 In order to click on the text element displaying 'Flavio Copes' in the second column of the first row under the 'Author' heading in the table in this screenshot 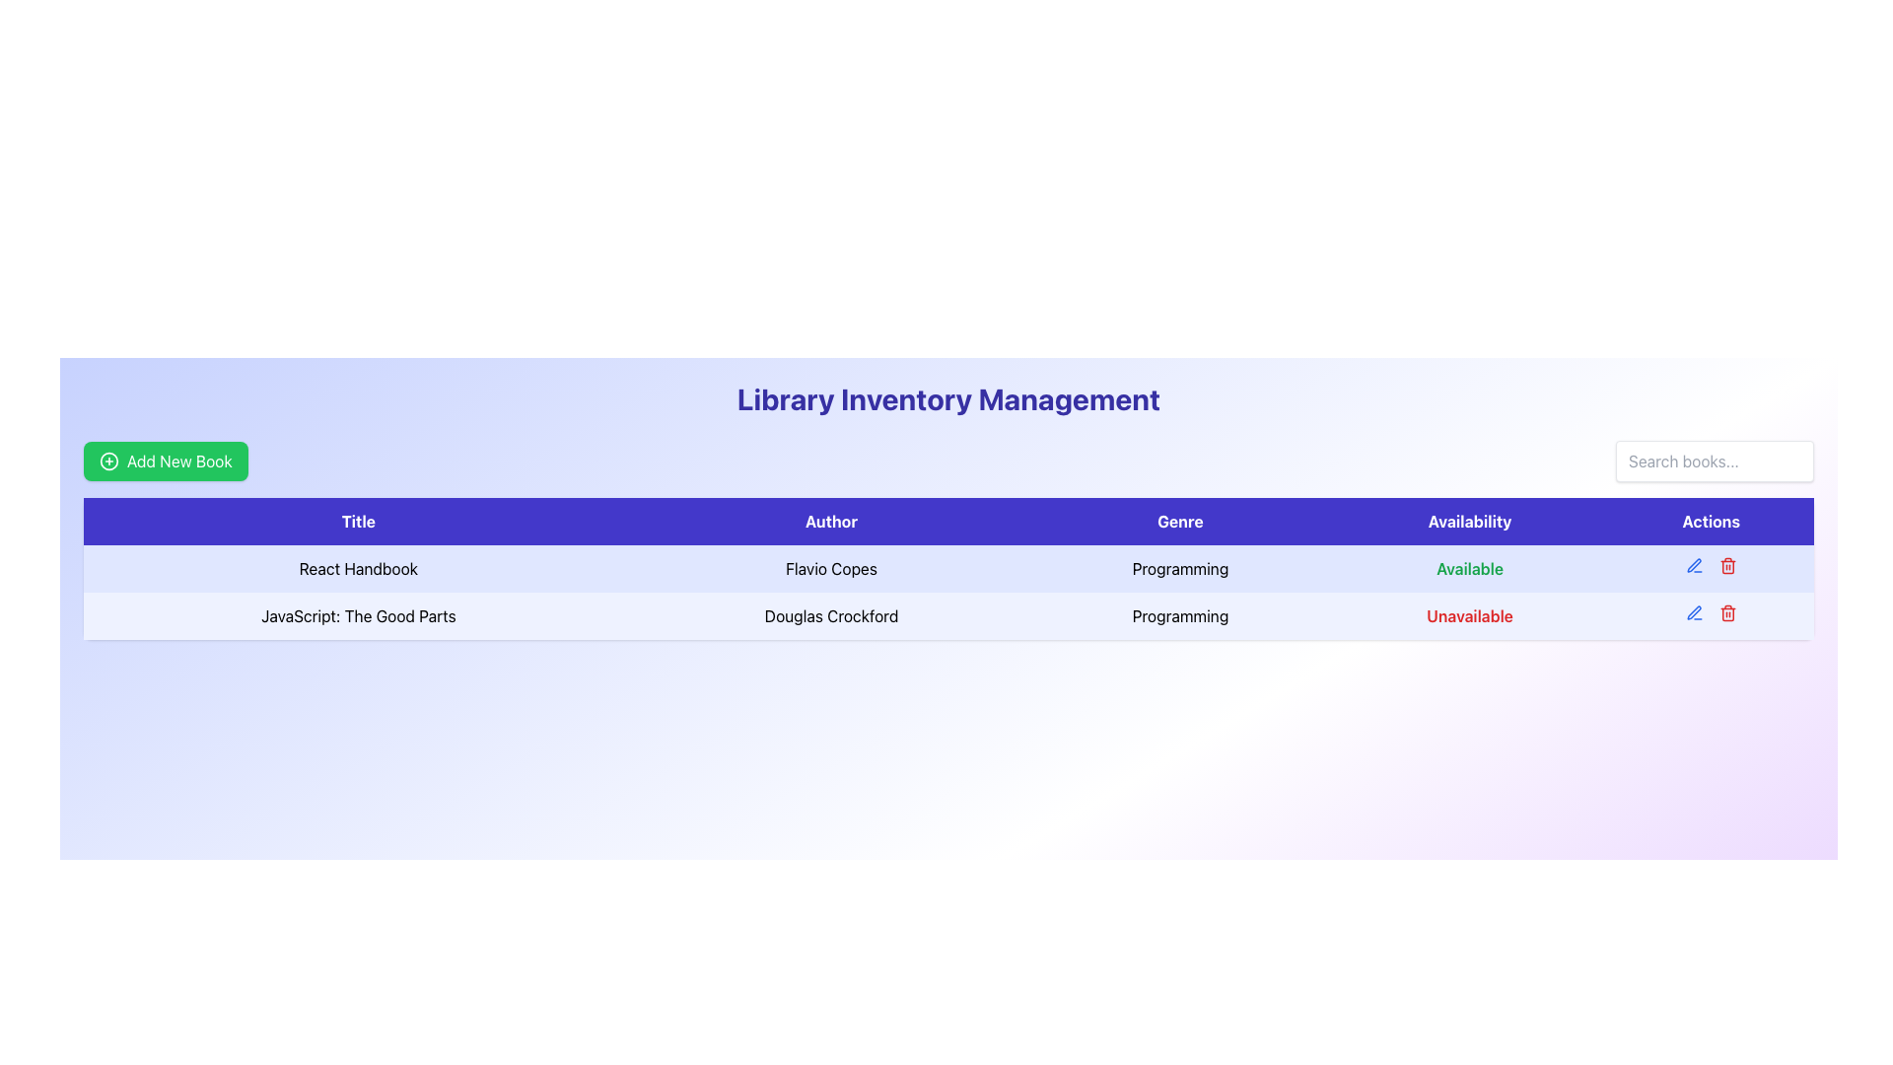, I will do `click(831, 569)`.